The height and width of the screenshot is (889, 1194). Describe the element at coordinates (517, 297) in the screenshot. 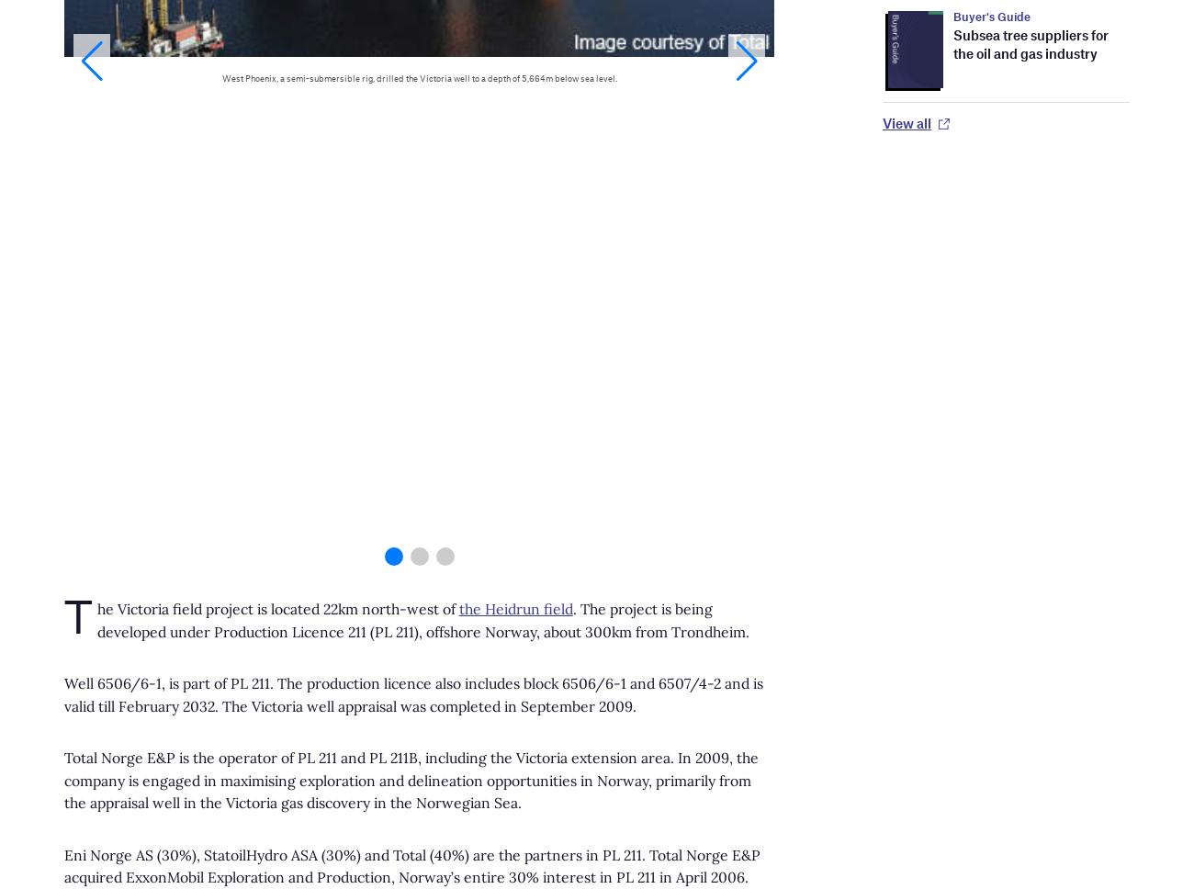

I see `'Digital Magazine'` at that location.